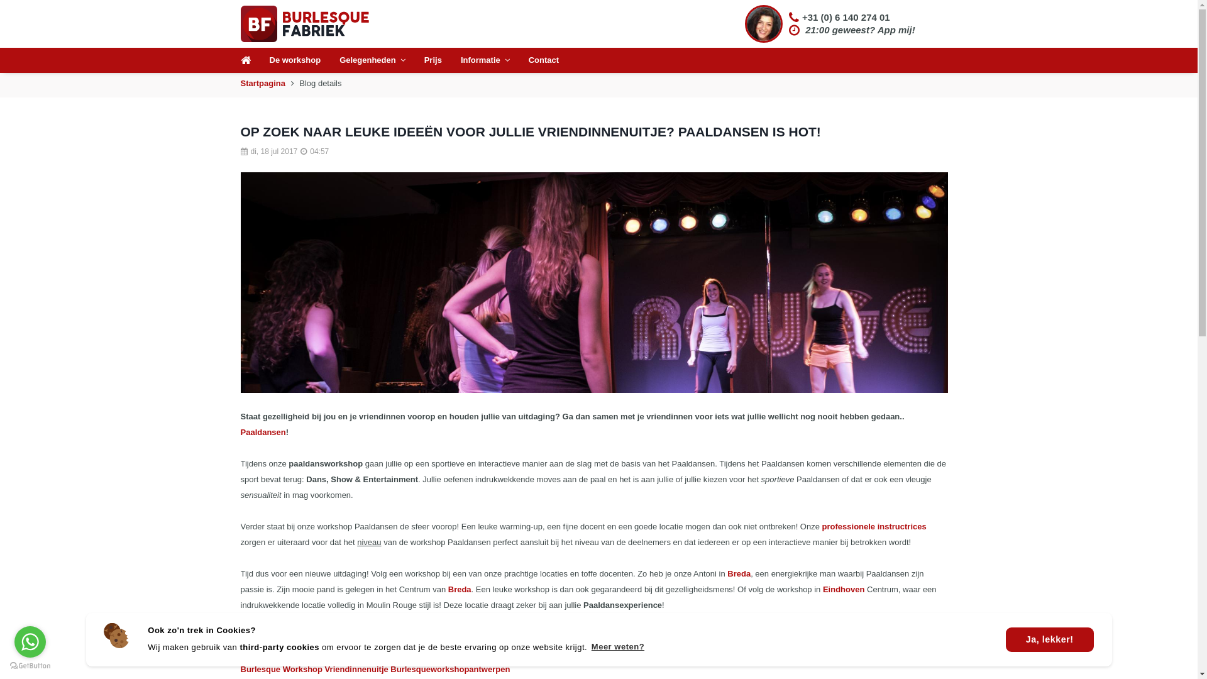 This screenshot has height=679, width=1207. I want to click on 'Breda', so click(739, 573).